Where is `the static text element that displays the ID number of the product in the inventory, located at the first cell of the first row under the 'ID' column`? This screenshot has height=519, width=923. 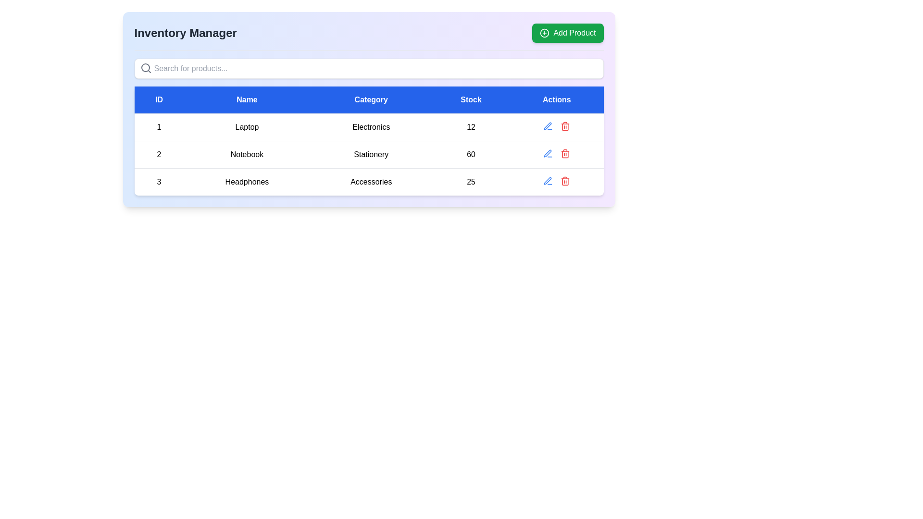
the static text element that displays the ID number of the product in the inventory, located at the first cell of the first row under the 'ID' column is located at coordinates (159, 127).